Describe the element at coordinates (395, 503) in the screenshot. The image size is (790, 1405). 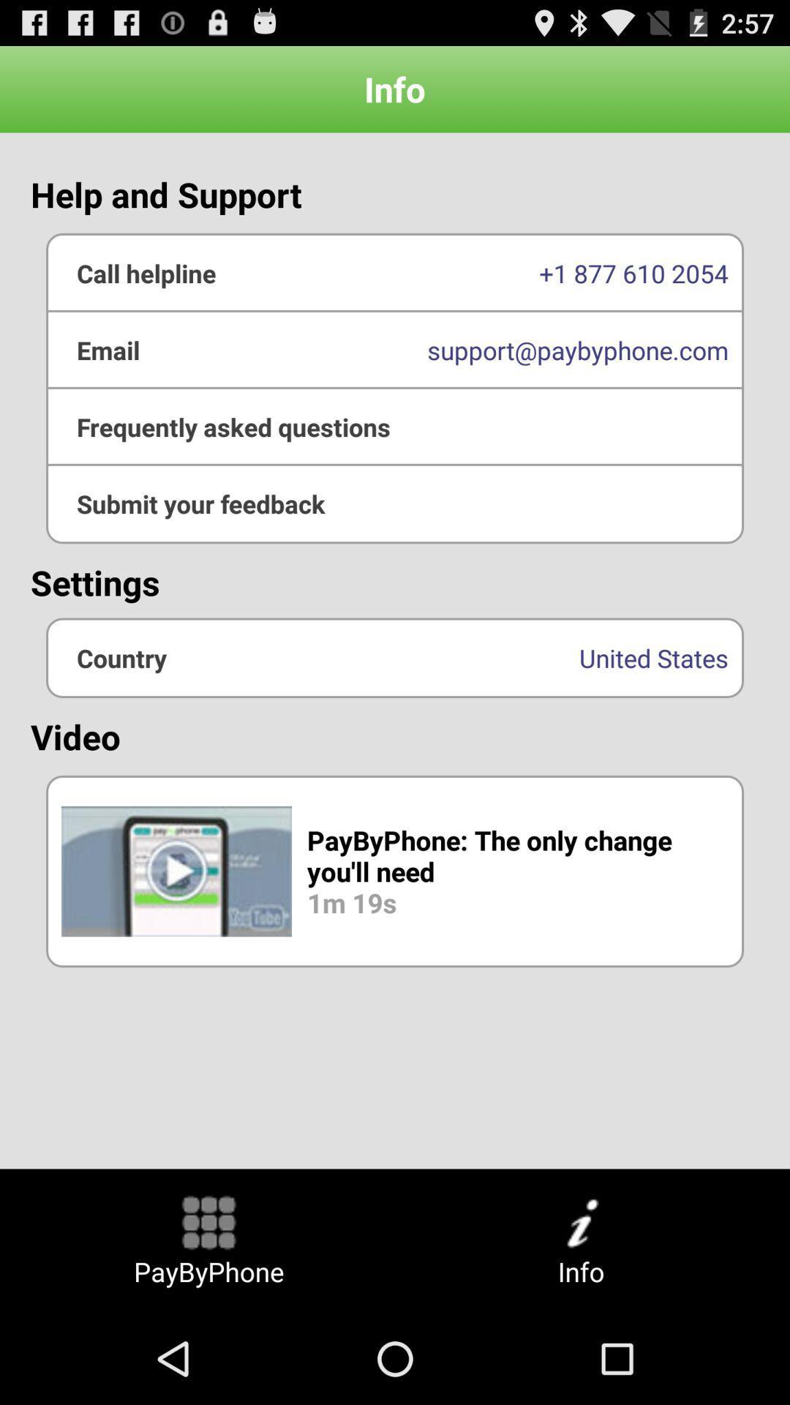
I see `submits feedback` at that location.